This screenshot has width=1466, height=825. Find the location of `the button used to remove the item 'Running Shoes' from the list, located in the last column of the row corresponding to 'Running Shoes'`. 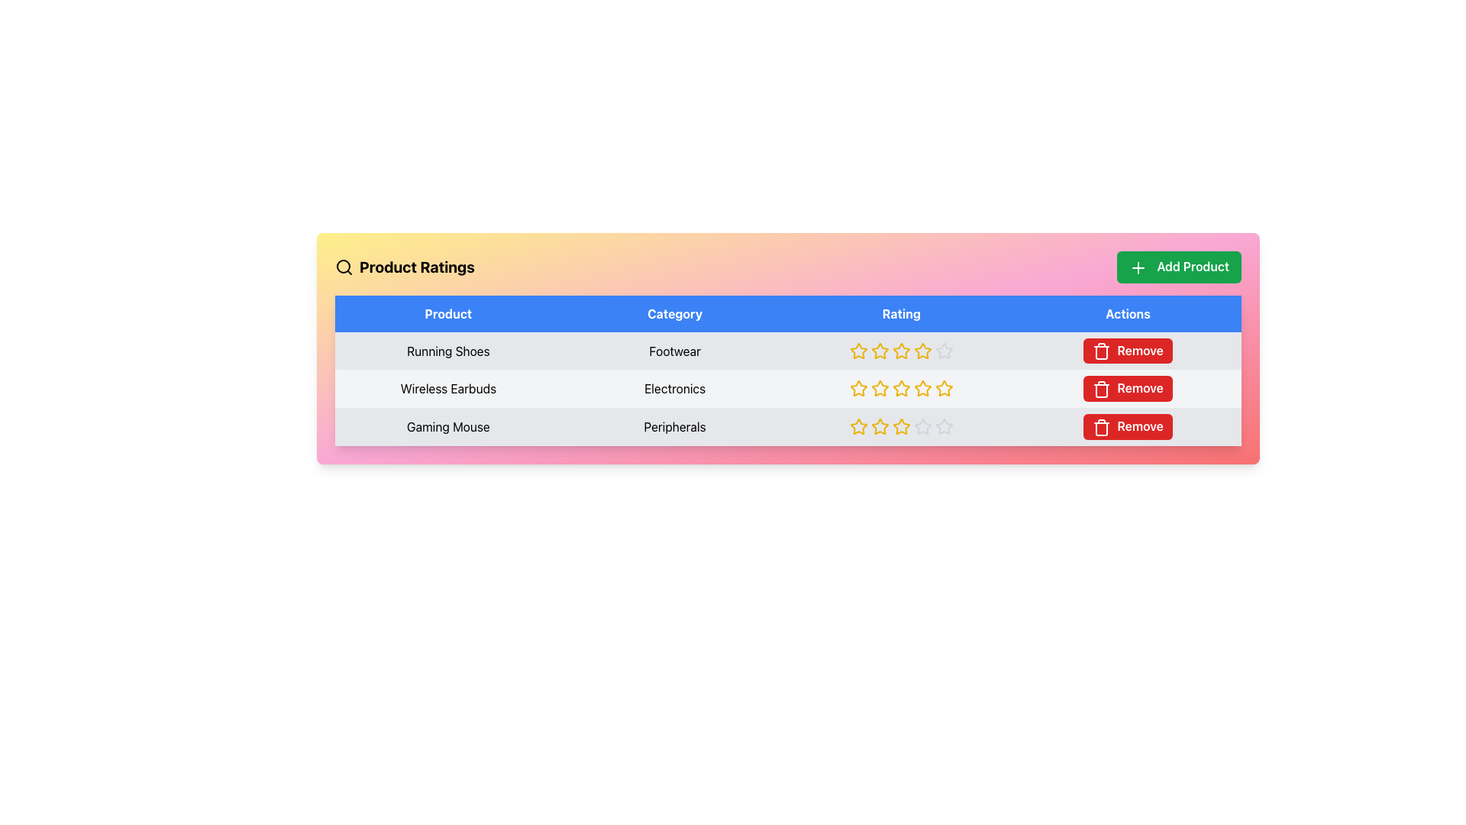

the button used to remove the item 'Running Shoes' from the list, located in the last column of the row corresponding to 'Running Shoes' is located at coordinates (1128, 351).